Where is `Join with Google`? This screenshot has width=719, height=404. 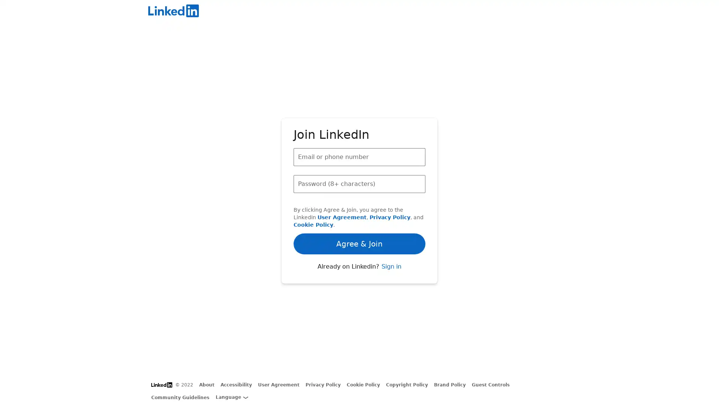
Join with Google is located at coordinates (359, 264).